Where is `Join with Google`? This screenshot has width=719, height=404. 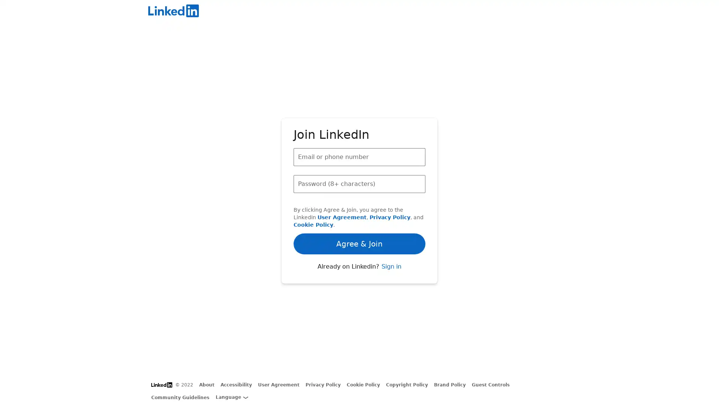
Join with Google is located at coordinates (359, 264).